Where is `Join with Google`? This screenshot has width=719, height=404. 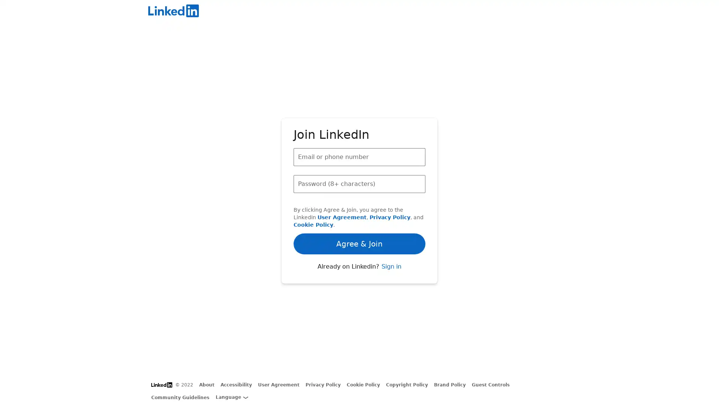
Join with Google is located at coordinates (359, 264).